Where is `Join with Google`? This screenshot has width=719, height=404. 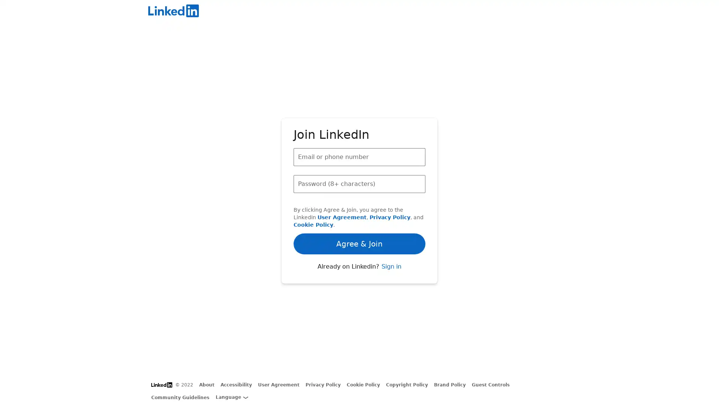
Join with Google is located at coordinates (359, 264).